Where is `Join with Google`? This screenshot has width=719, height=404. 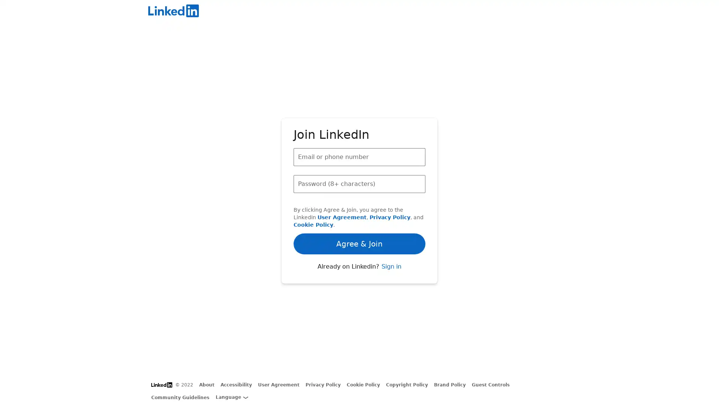
Join with Google is located at coordinates (359, 264).